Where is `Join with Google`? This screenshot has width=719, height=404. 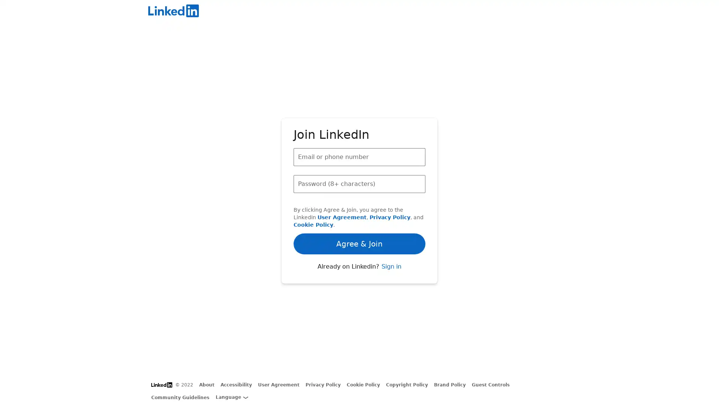
Join with Google is located at coordinates (359, 264).